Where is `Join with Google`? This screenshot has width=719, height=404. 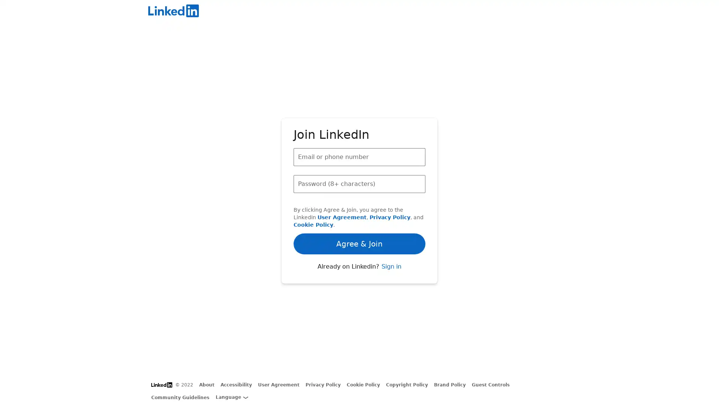
Join with Google is located at coordinates (359, 264).